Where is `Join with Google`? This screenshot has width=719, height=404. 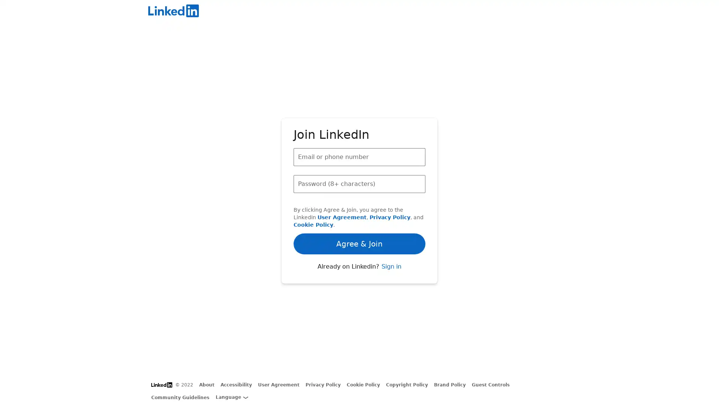
Join with Google is located at coordinates (359, 264).